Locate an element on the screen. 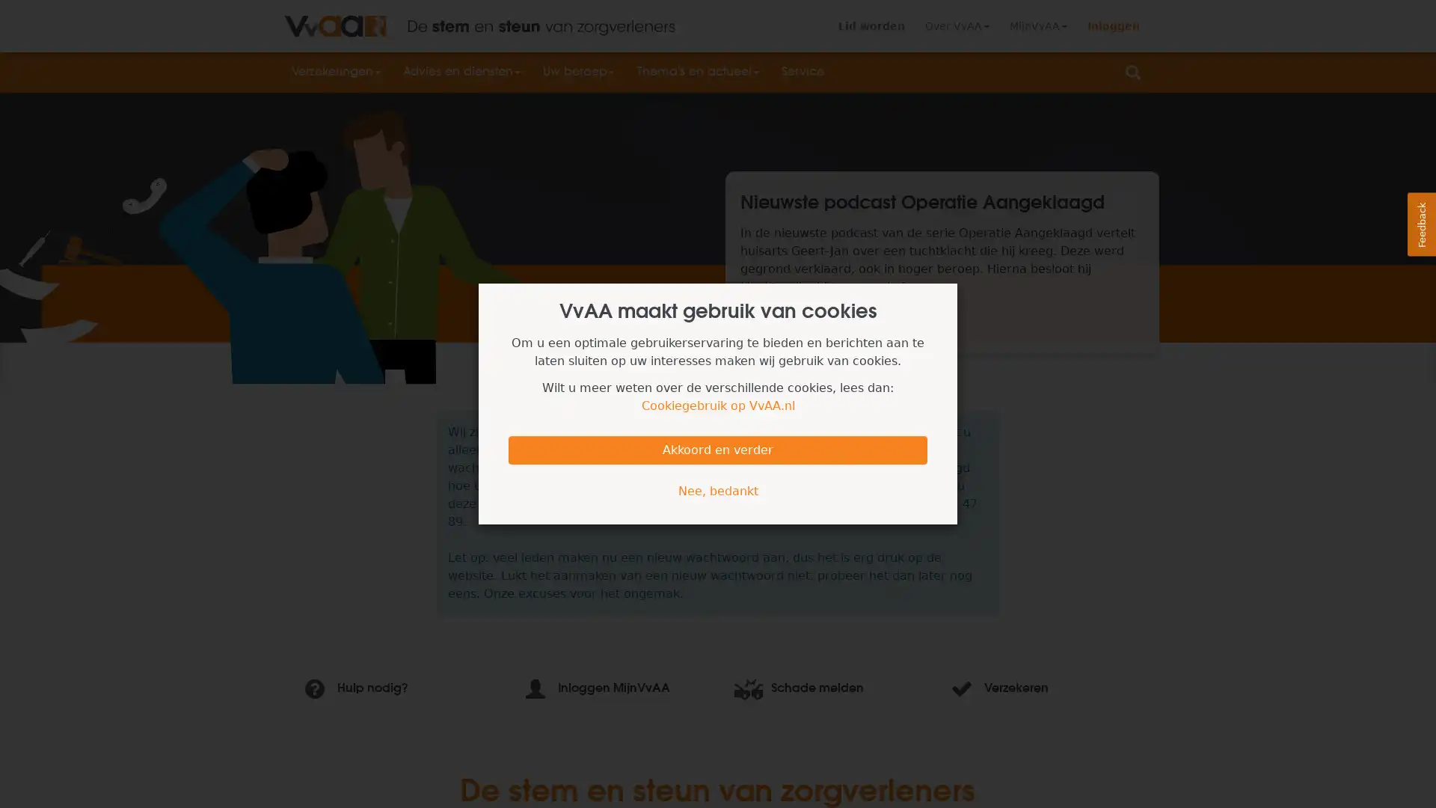 This screenshot has width=1436, height=808. Akkoord en verder is located at coordinates (718, 449).